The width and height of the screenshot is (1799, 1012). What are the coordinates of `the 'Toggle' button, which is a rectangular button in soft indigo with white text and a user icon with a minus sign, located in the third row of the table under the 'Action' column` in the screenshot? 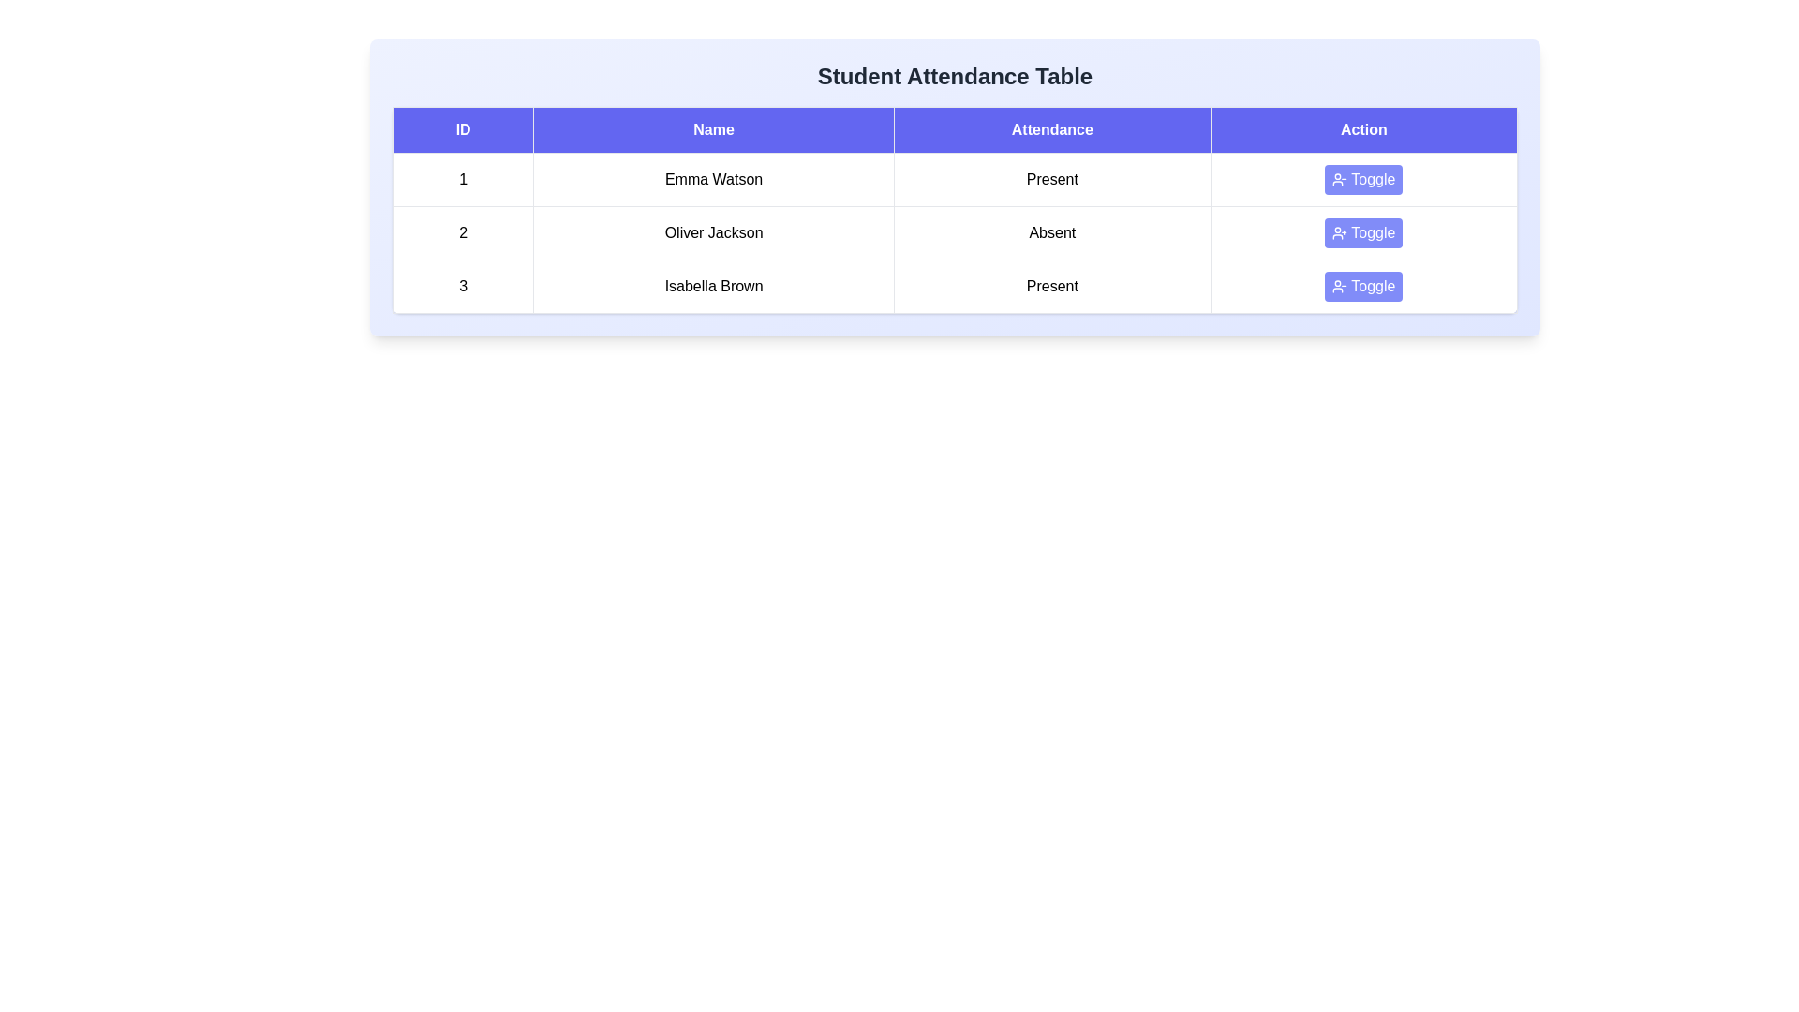 It's located at (1363, 286).